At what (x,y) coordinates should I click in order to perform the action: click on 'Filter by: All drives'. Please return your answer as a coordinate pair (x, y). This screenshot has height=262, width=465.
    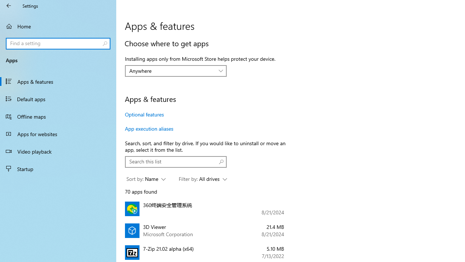
    Looking at the image, I should click on (203, 179).